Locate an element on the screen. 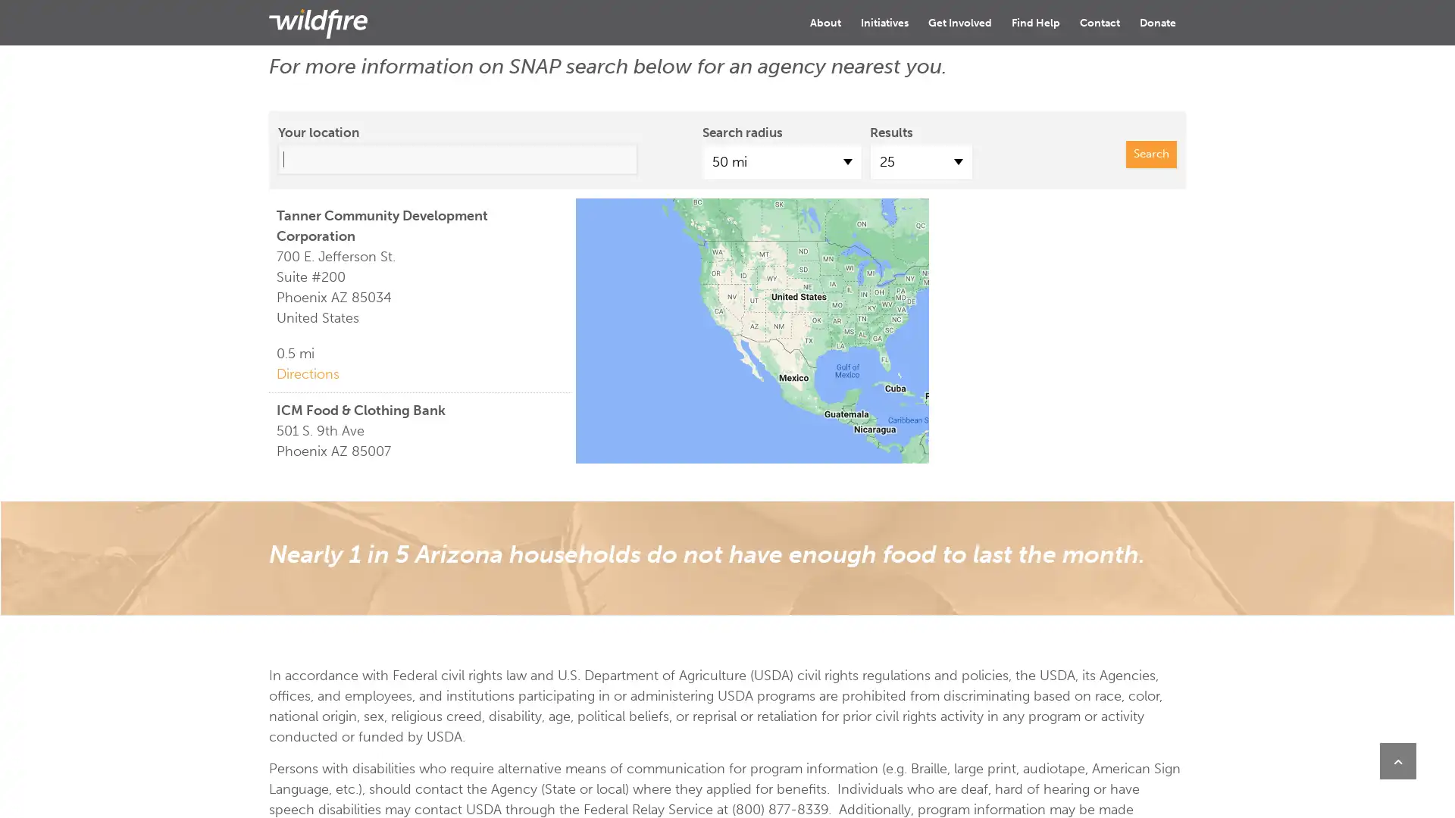  Mountain Park Health Center  Gateway is located at coordinates (915, 318).